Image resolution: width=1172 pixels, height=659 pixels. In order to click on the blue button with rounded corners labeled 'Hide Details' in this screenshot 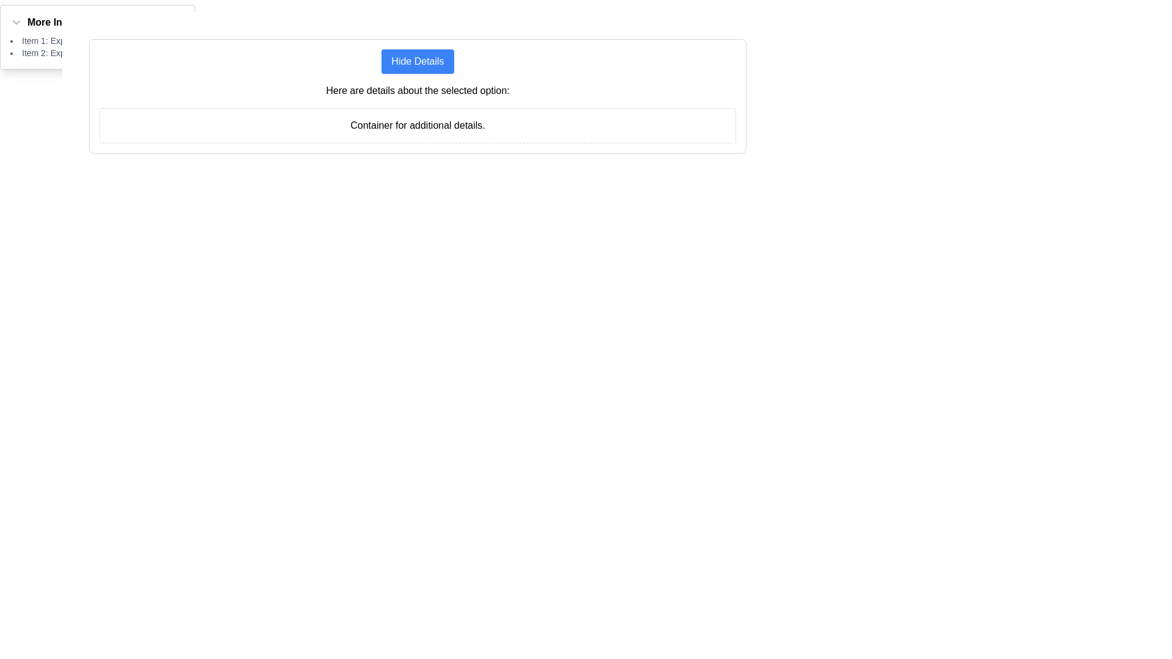, I will do `click(418, 61)`.